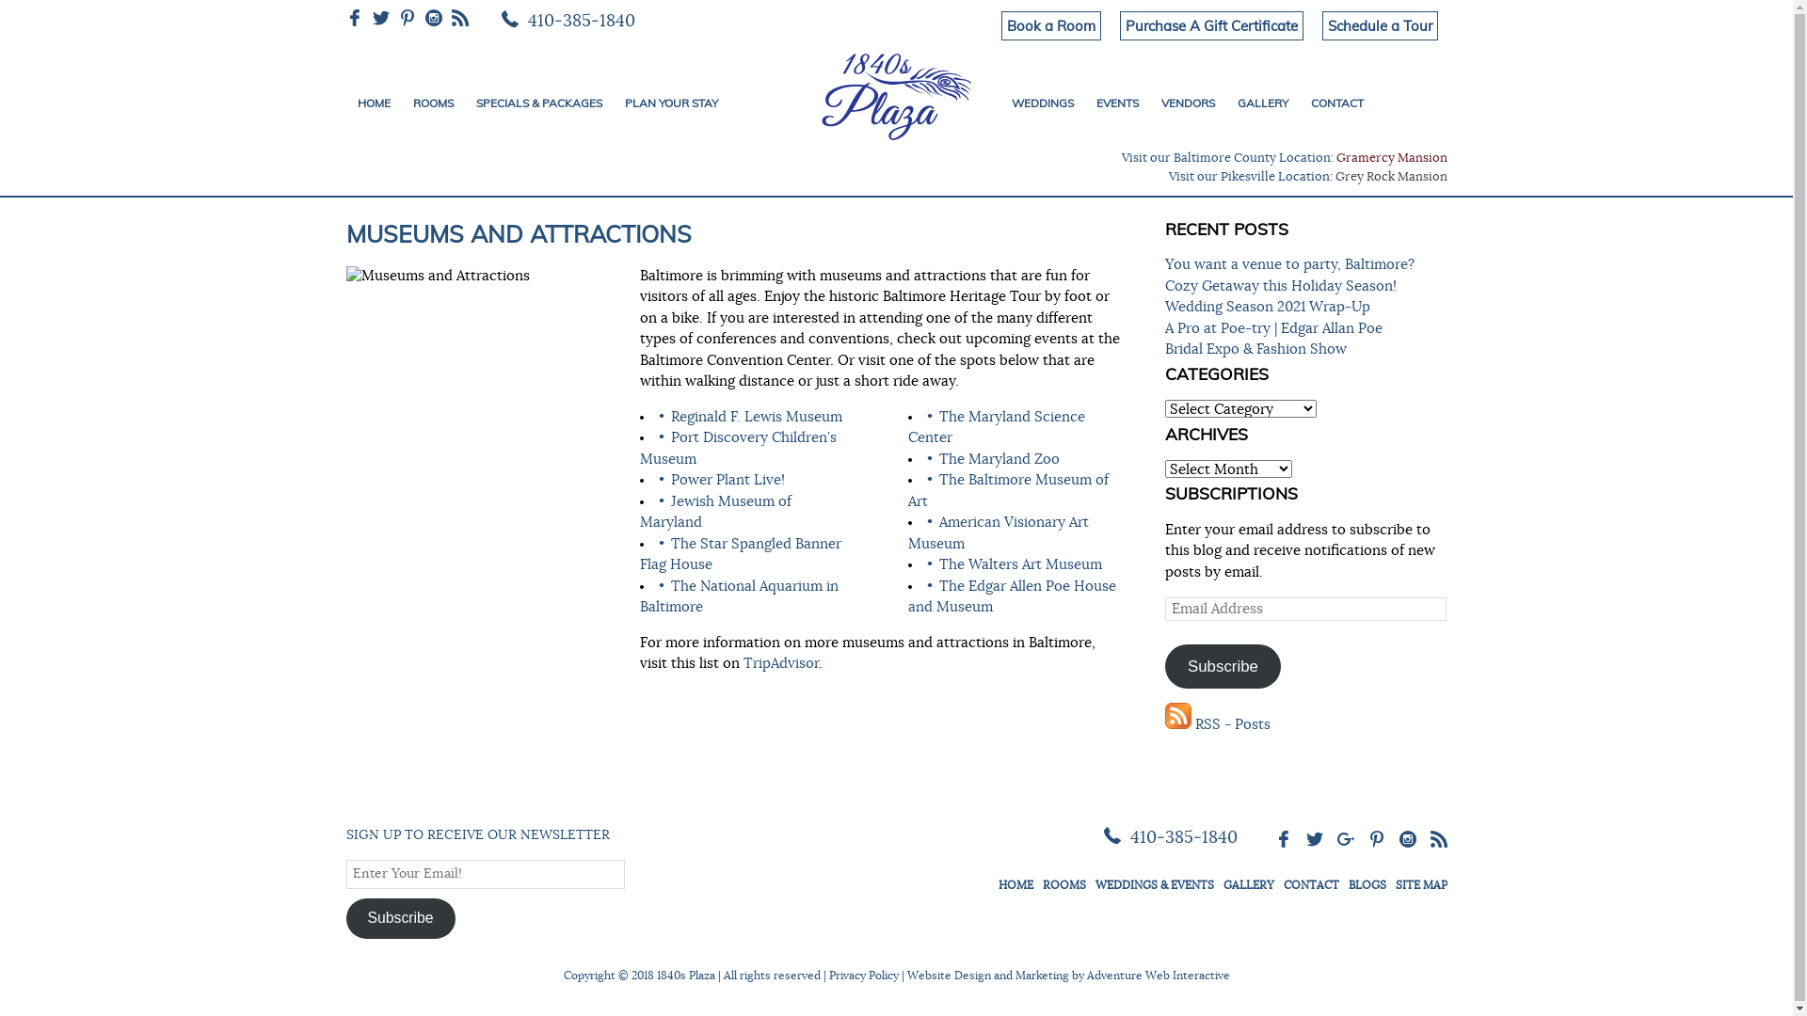 The image size is (1807, 1016). Describe the element at coordinates (895, 93) in the screenshot. I see `'1840s Plaza'` at that location.